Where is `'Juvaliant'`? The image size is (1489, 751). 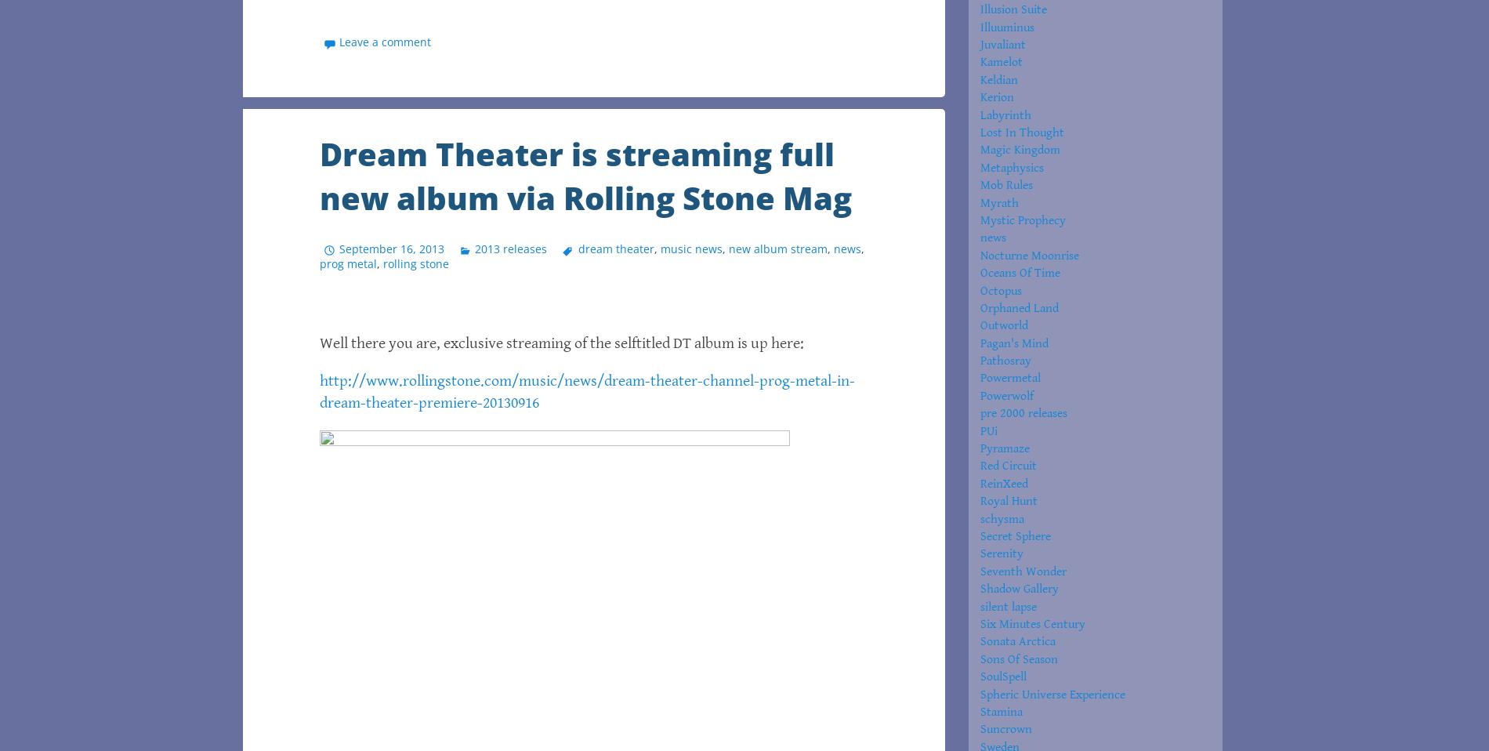
'Juvaliant' is located at coordinates (1002, 44).